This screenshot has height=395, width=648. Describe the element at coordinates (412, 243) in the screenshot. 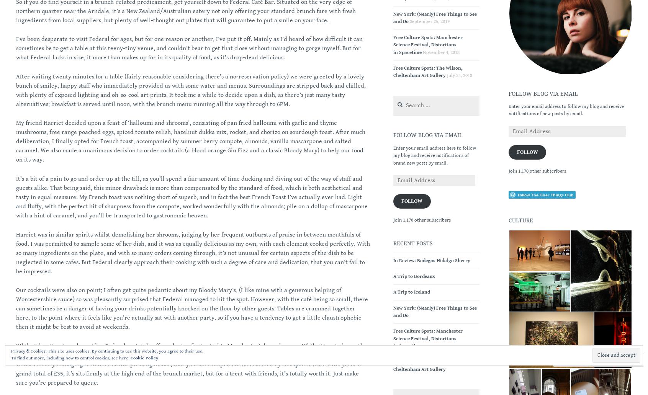

I see `'Recent Posts'` at that location.